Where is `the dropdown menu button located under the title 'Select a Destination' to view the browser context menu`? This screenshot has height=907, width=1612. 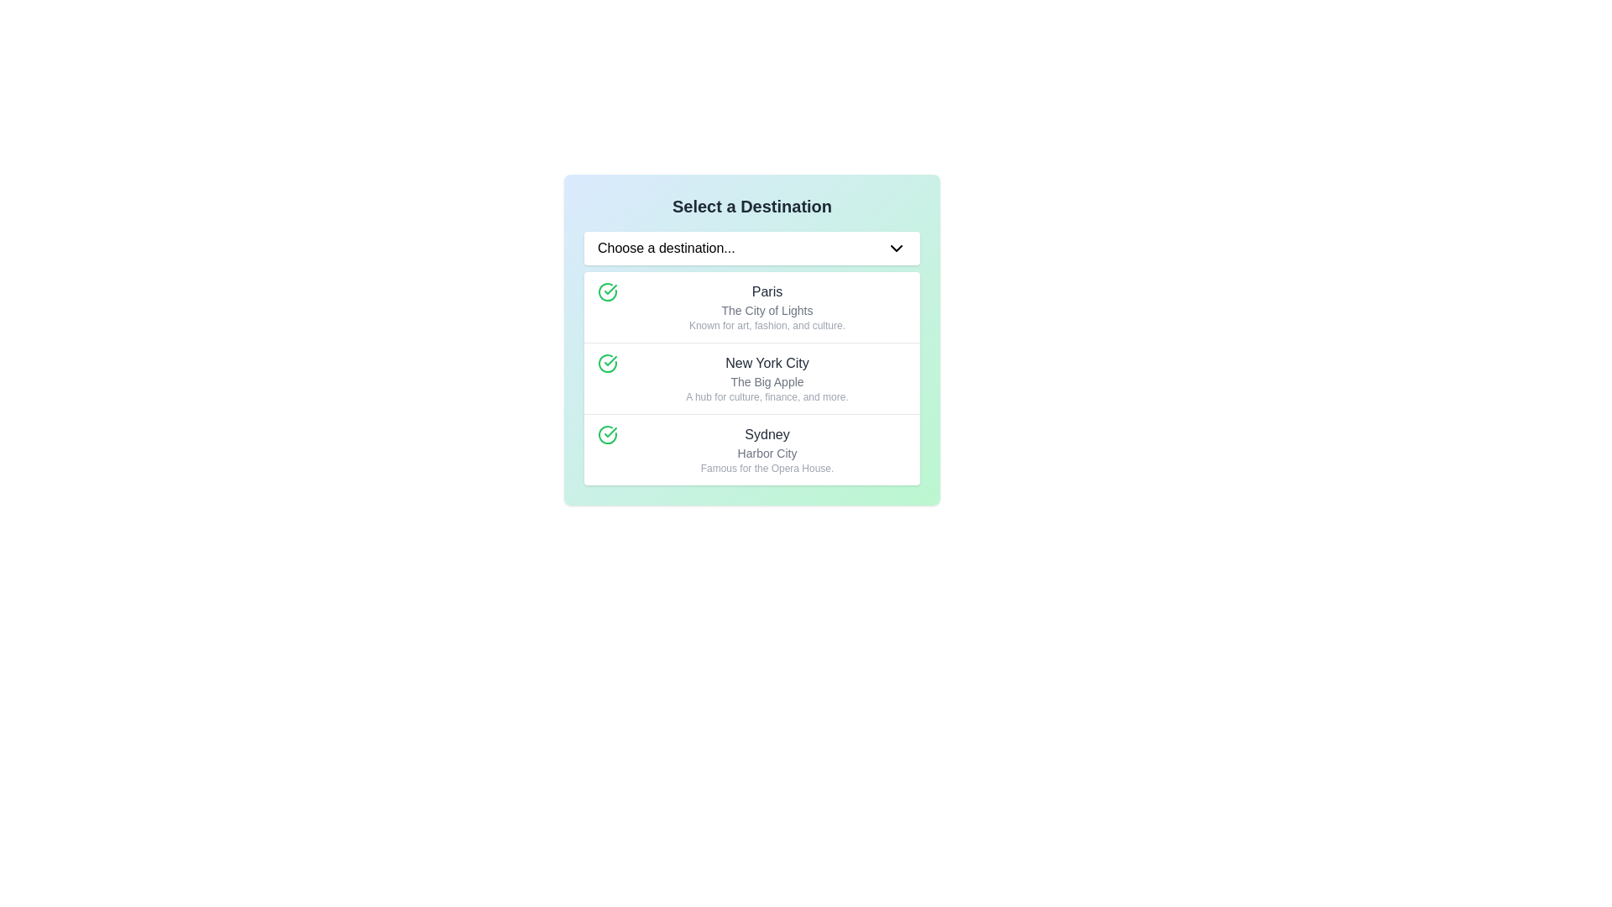 the dropdown menu button located under the title 'Select a Destination' to view the browser context menu is located at coordinates (751, 249).